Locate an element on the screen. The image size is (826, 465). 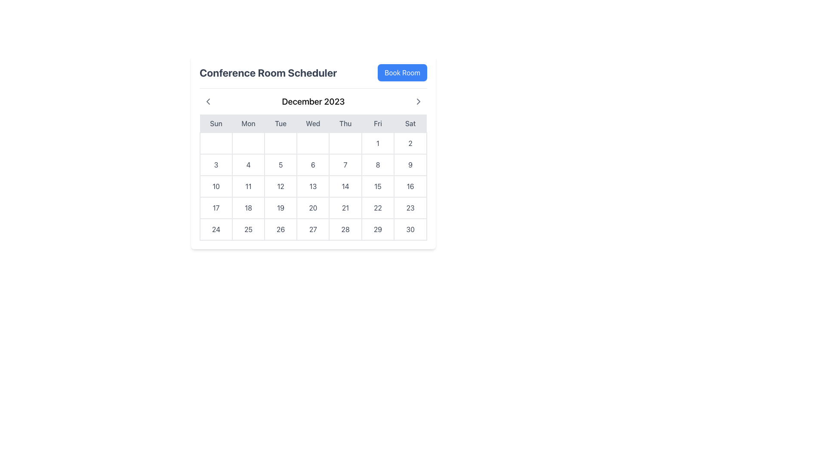
text element that denotes the column of dates corresponding to Sundays in the top-left corner of the calendar layout is located at coordinates (216, 124).